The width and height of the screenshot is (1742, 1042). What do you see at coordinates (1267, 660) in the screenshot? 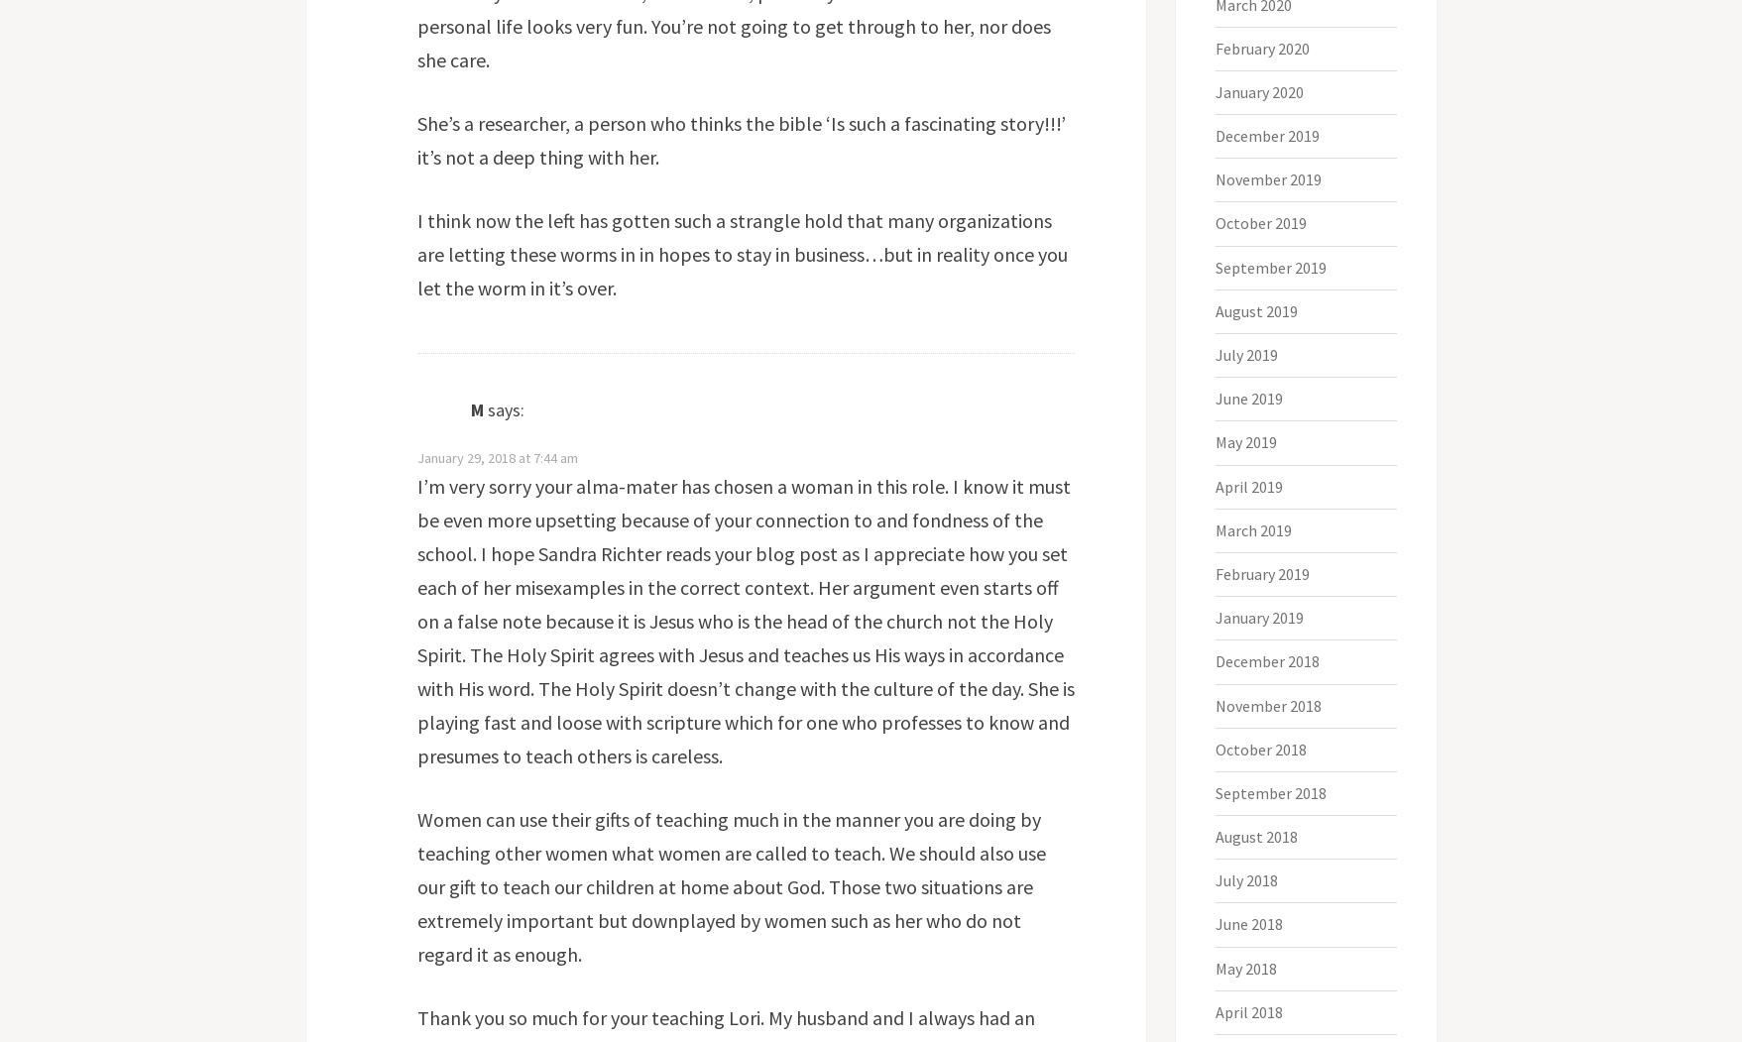
I see `'December 2018'` at bounding box center [1267, 660].